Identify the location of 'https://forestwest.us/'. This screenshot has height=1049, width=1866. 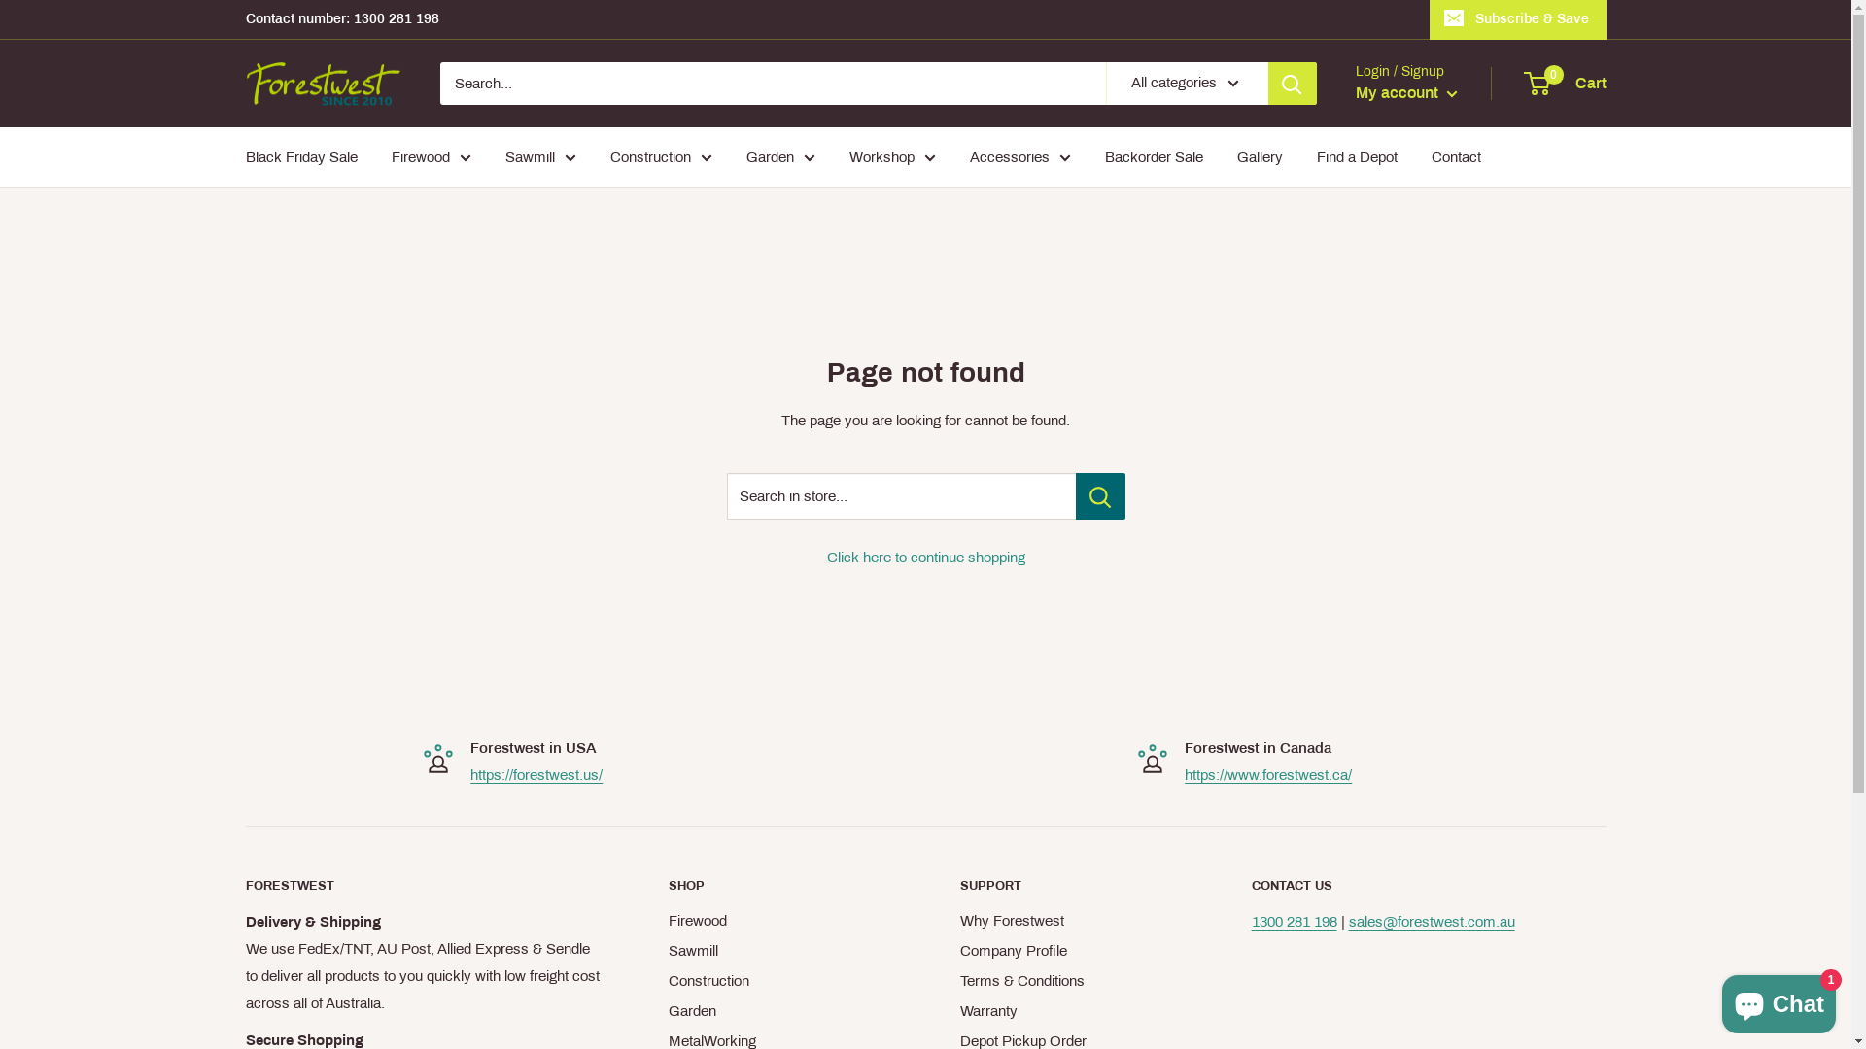
(470, 774).